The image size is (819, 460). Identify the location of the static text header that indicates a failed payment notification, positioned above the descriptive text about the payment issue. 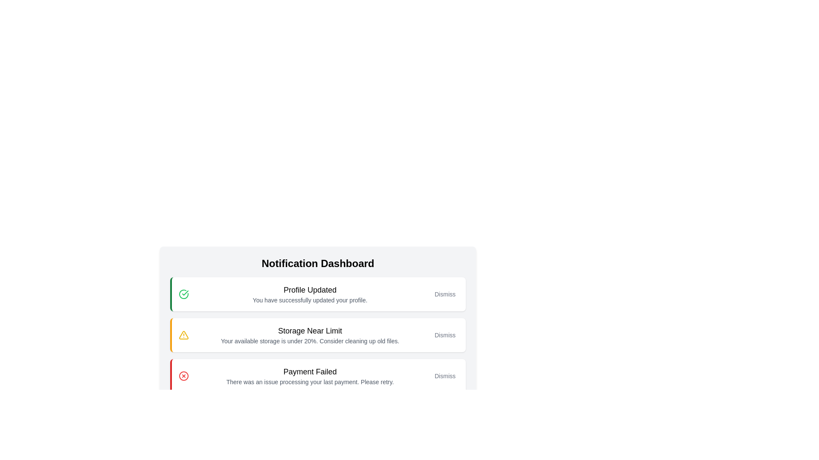
(309, 371).